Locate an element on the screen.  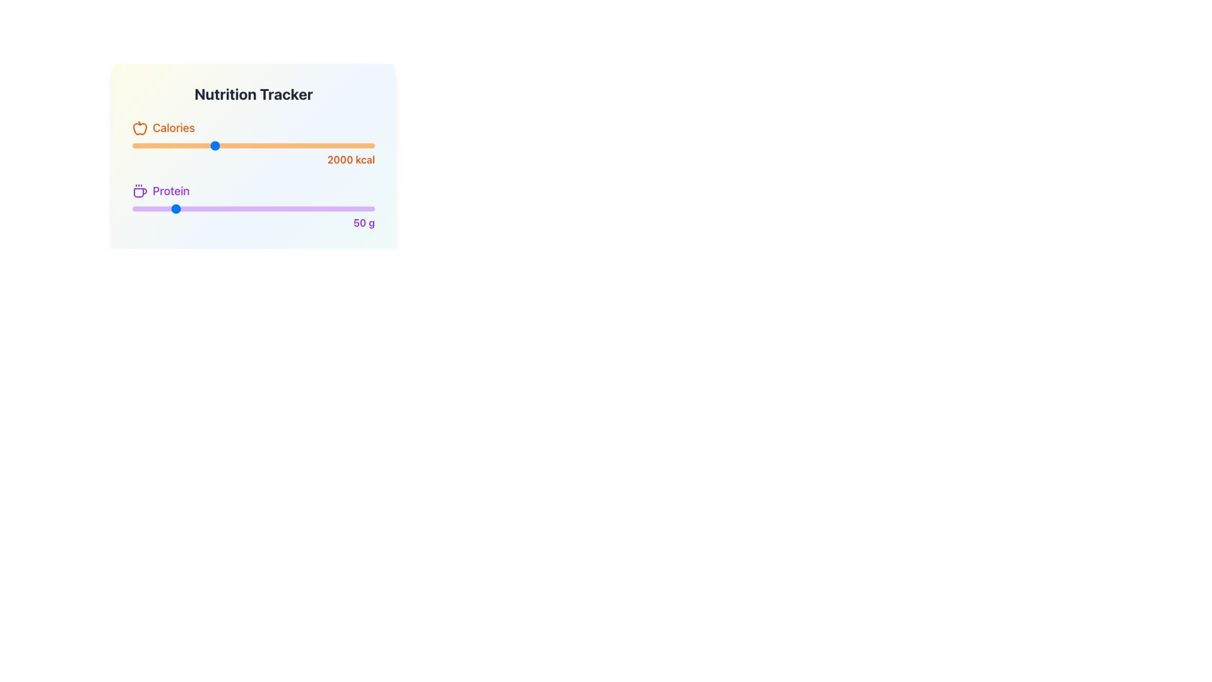
calorie goal is located at coordinates (282, 145).